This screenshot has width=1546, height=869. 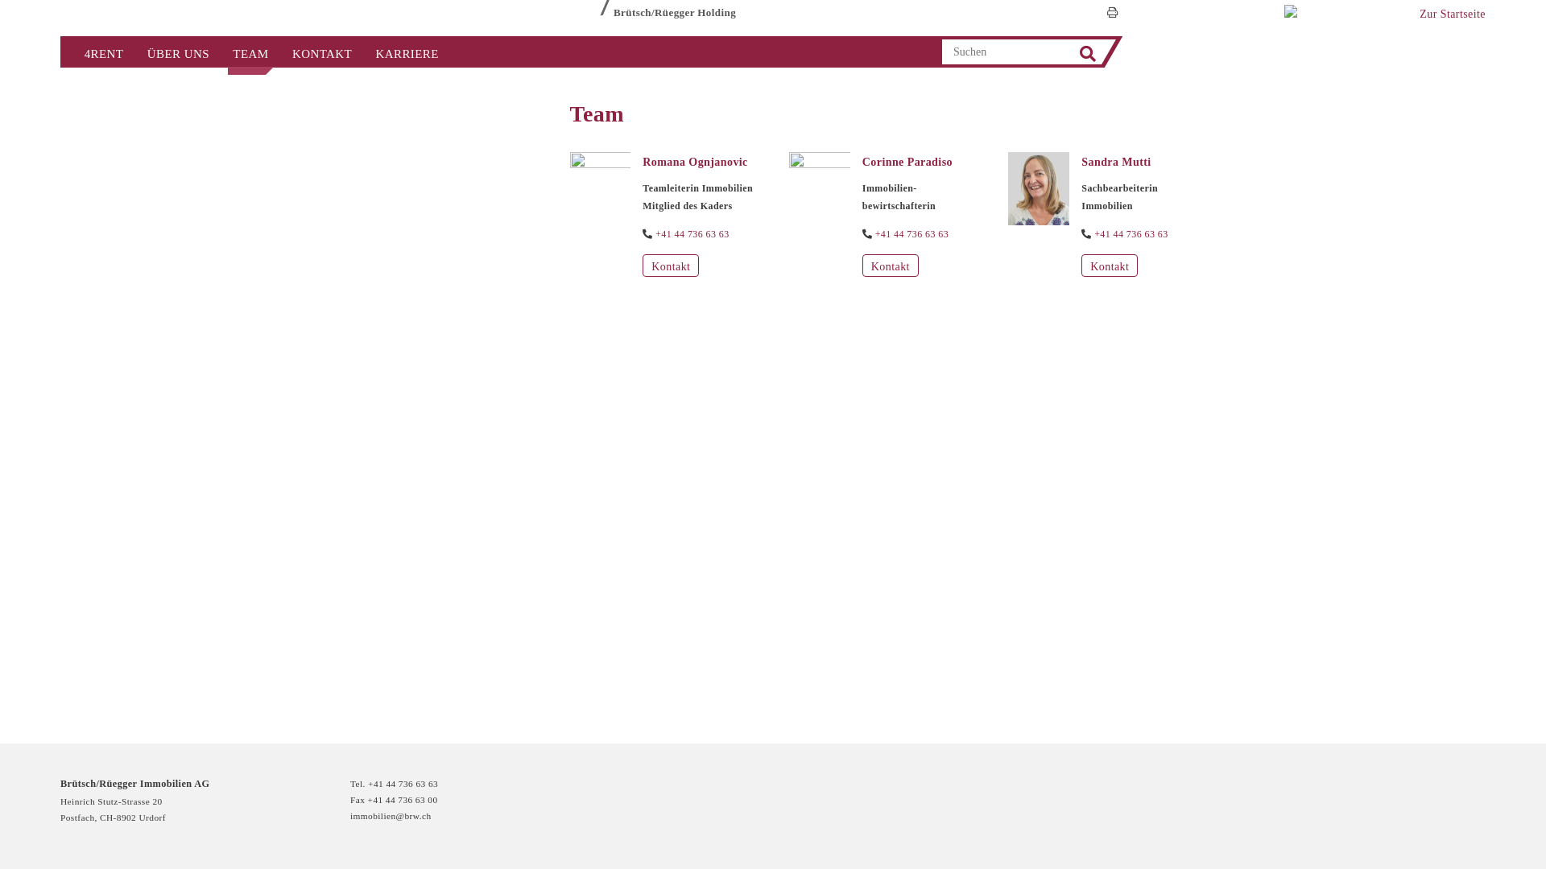 I want to click on '+41 44 736 63 63', so click(x=1131, y=234).